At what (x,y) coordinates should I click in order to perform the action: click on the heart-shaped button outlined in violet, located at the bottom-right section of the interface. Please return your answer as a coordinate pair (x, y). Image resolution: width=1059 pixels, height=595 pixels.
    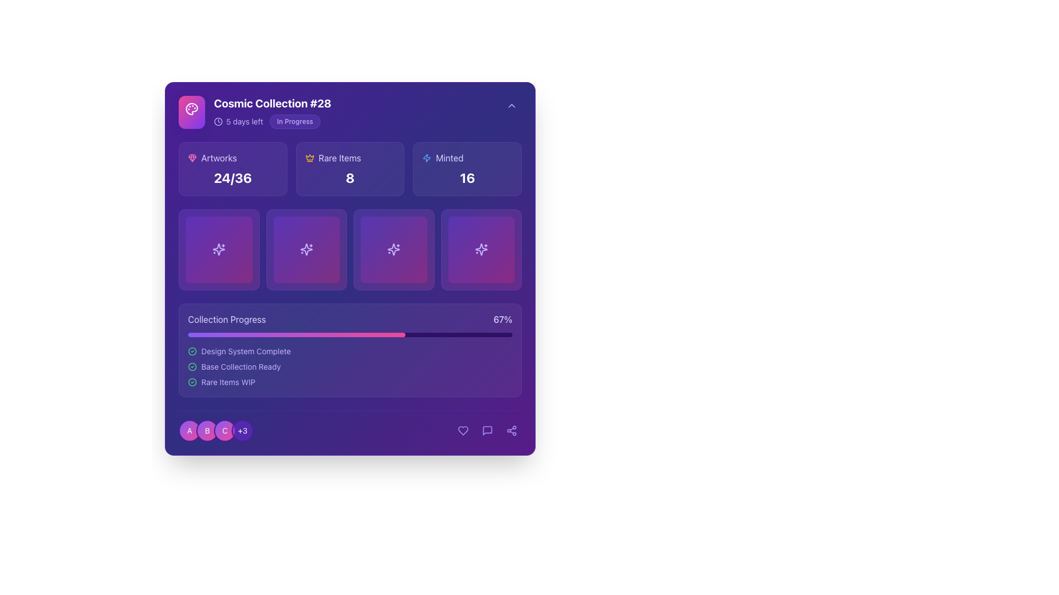
    Looking at the image, I should click on (463, 430).